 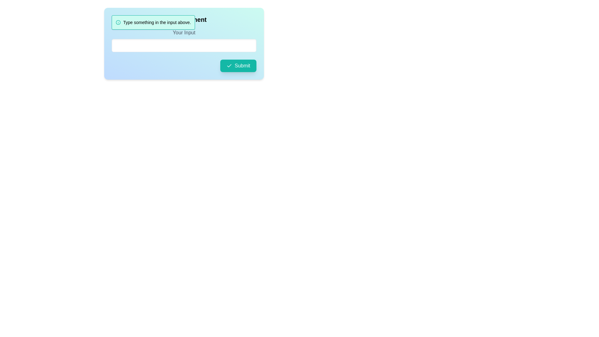 I want to click on the text input field located directly below the label 'Your Input', so click(x=184, y=41).